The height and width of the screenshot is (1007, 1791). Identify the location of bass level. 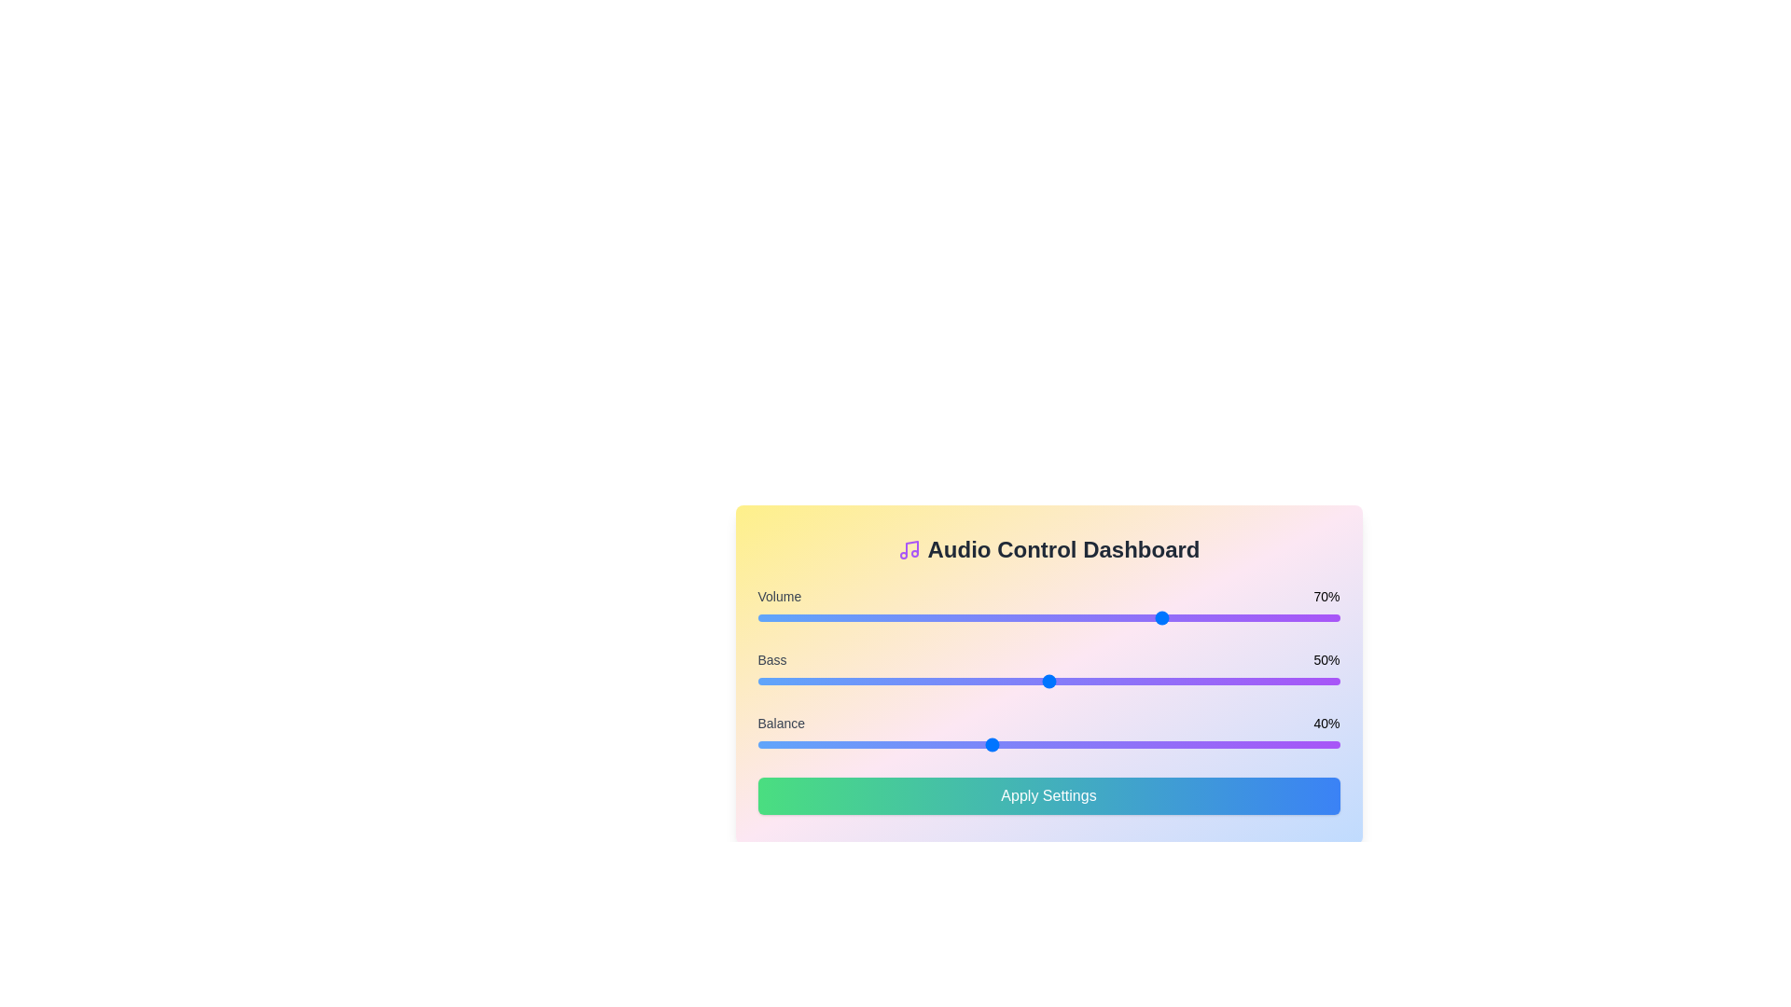
(1194, 682).